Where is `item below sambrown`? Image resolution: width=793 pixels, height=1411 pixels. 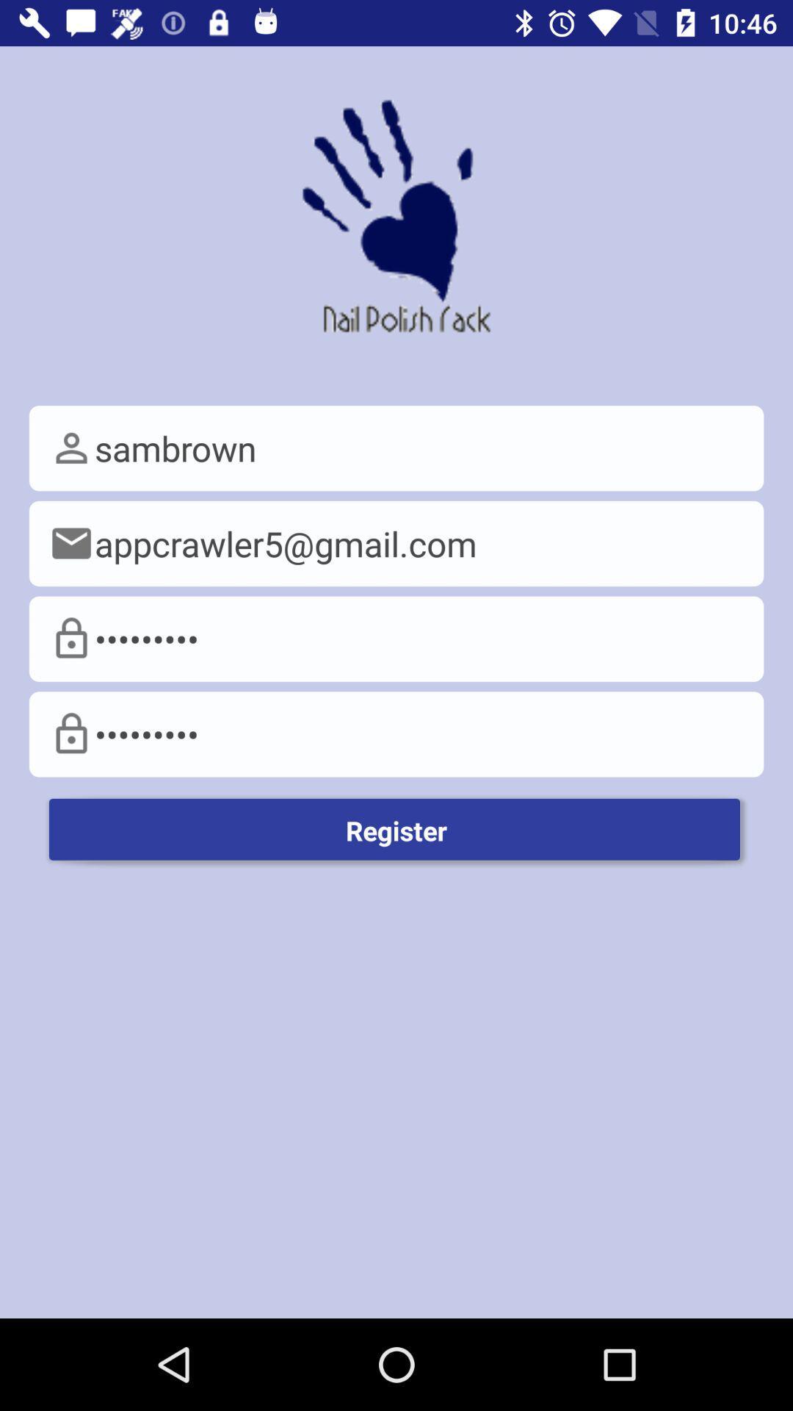 item below sambrown is located at coordinates (396, 542).